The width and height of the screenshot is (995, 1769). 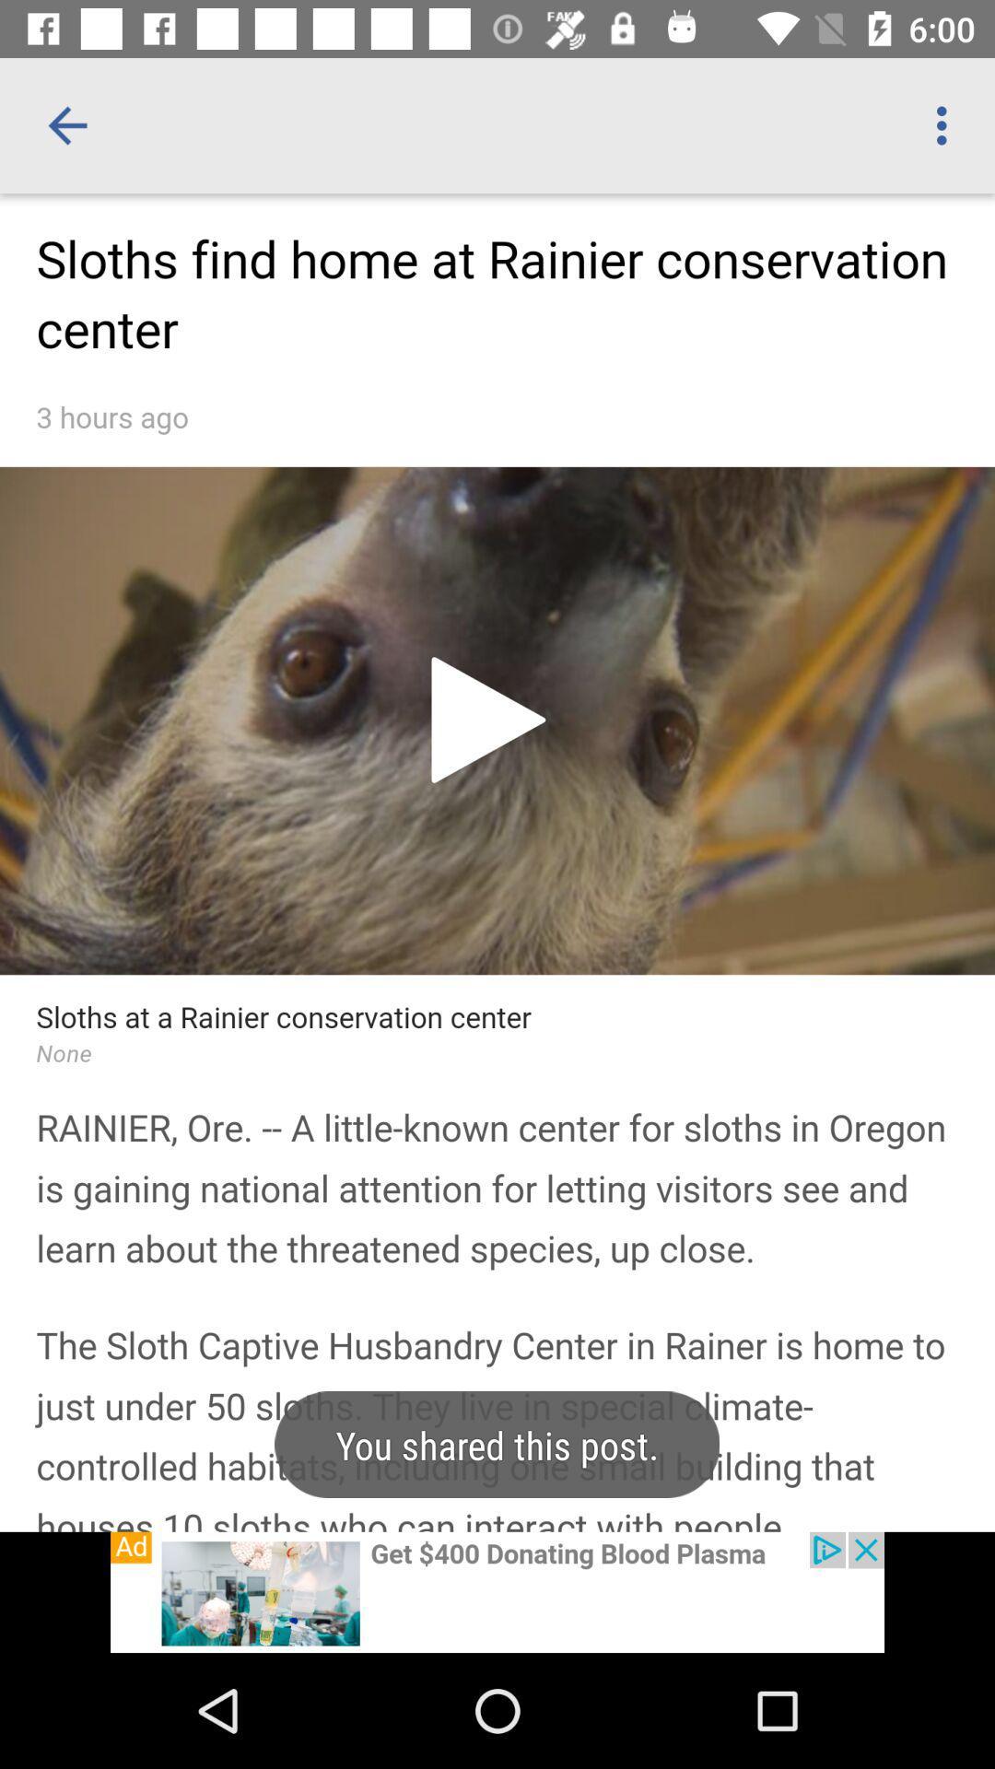 What do you see at coordinates (497, 1591) in the screenshot?
I see `advertisement` at bounding box center [497, 1591].